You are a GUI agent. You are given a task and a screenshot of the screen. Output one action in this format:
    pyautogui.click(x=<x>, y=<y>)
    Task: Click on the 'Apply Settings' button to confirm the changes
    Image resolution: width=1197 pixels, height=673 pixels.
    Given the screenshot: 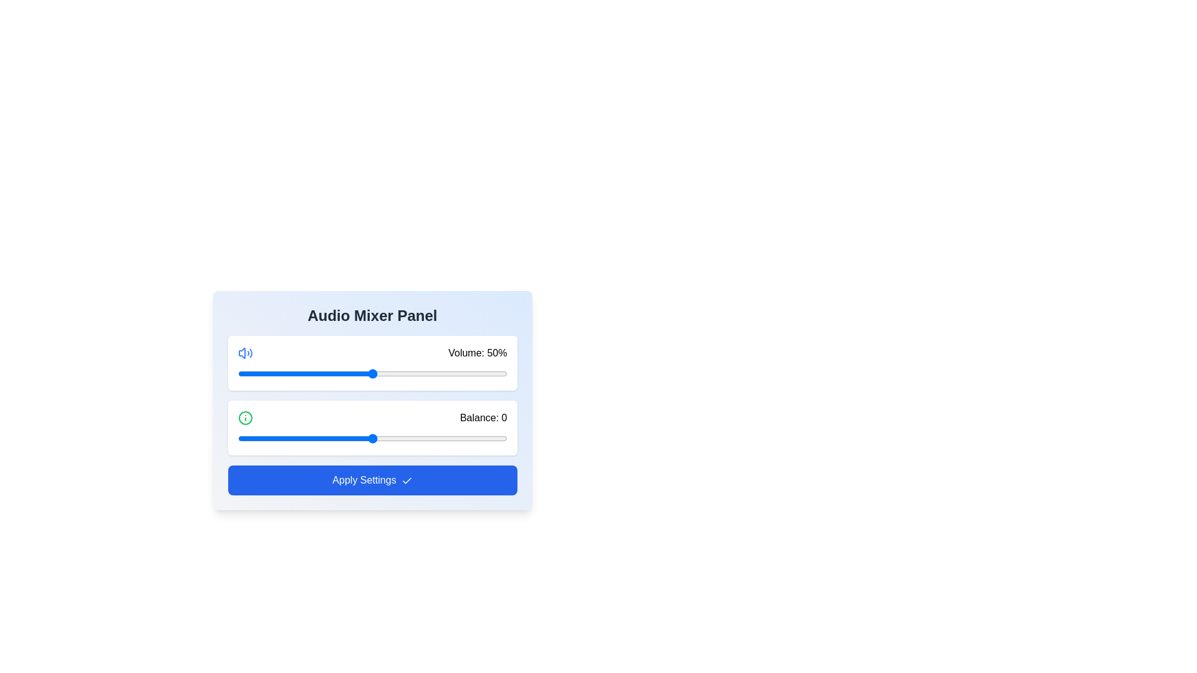 What is the action you would take?
    pyautogui.click(x=372, y=480)
    